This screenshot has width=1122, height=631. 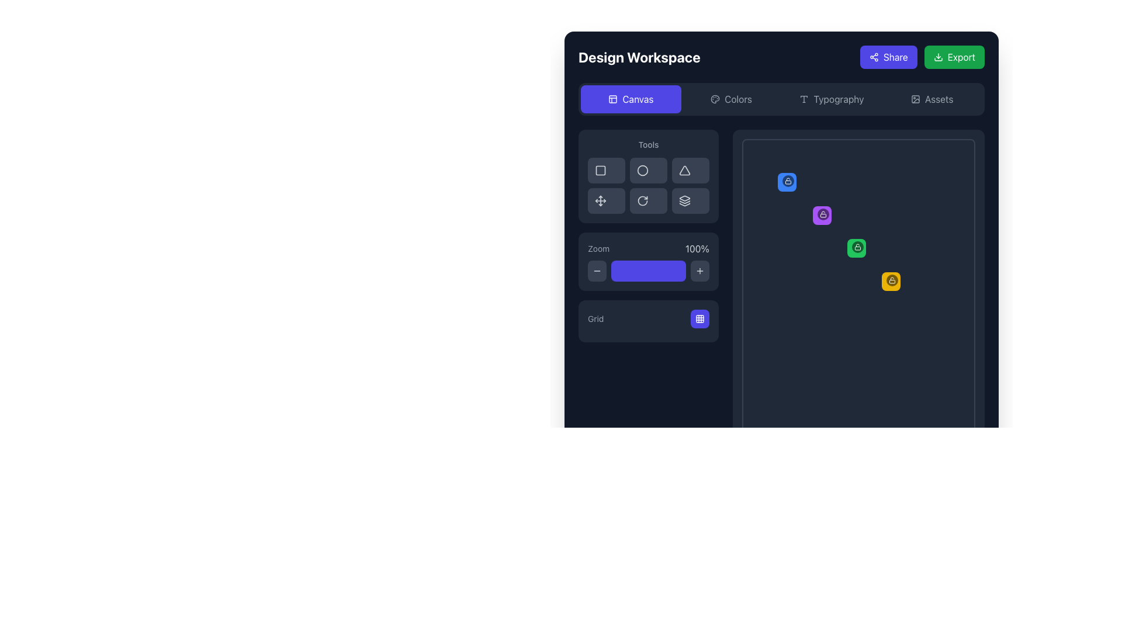 What do you see at coordinates (606, 171) in the screenshot?
I see `the square-shaped button in the Tools section` at bounding box center [606, 171].